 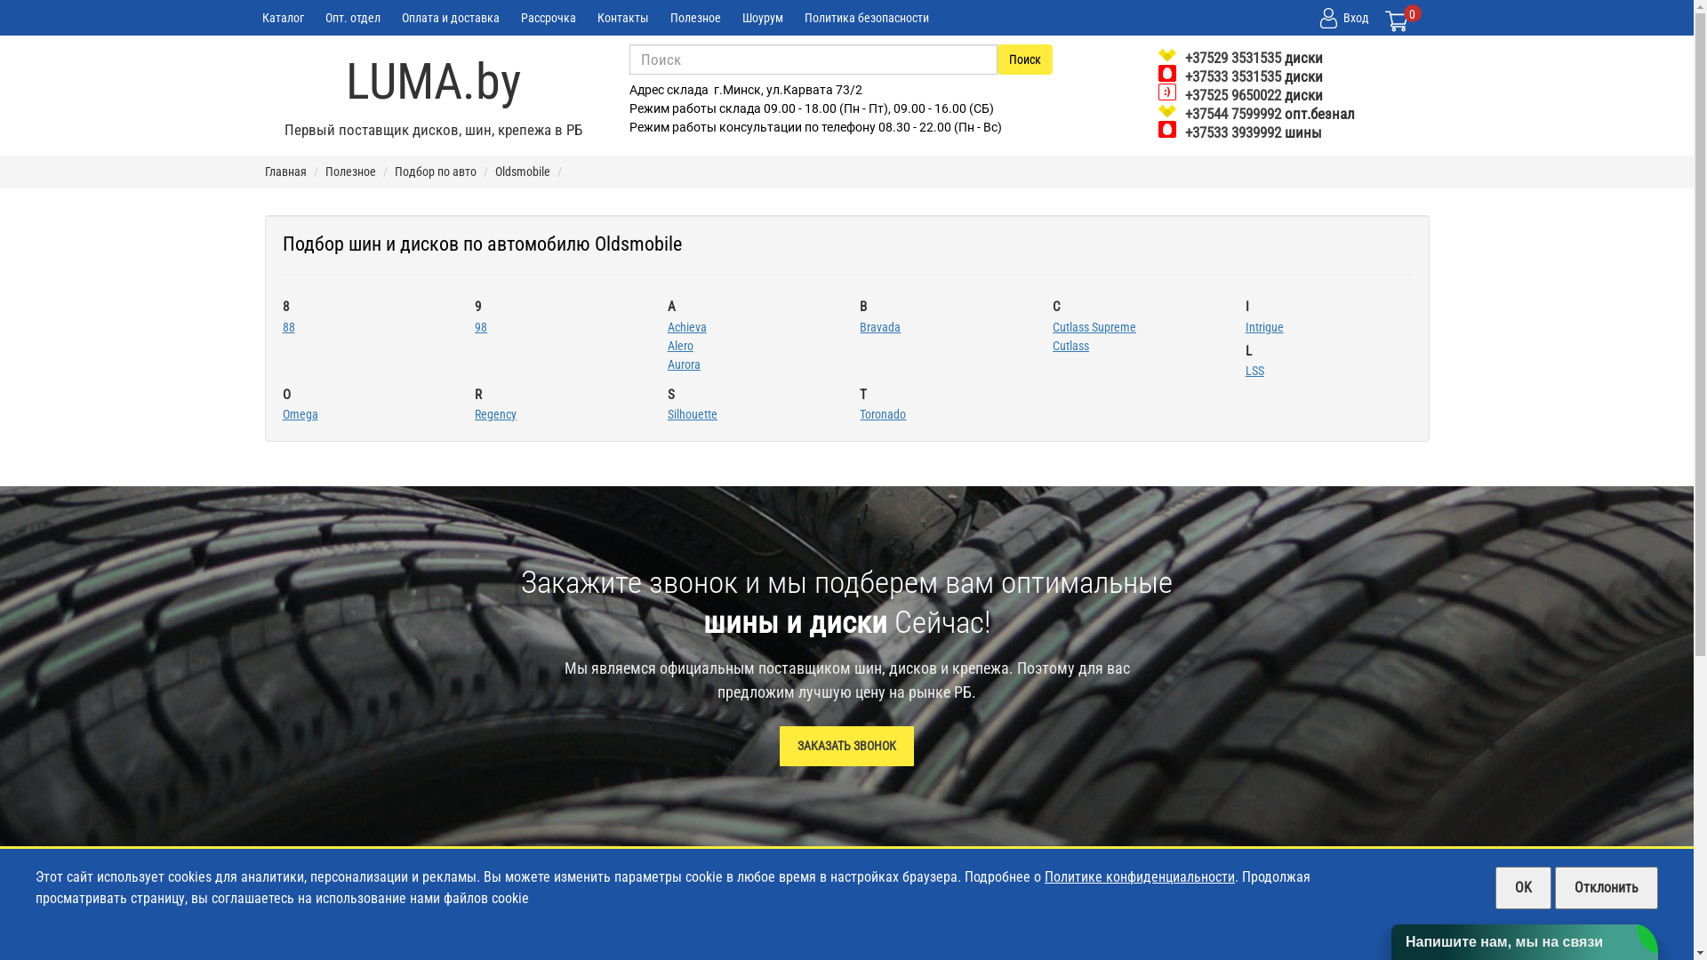 I want to click on 'Silhouette', so click(x=691, y=414).